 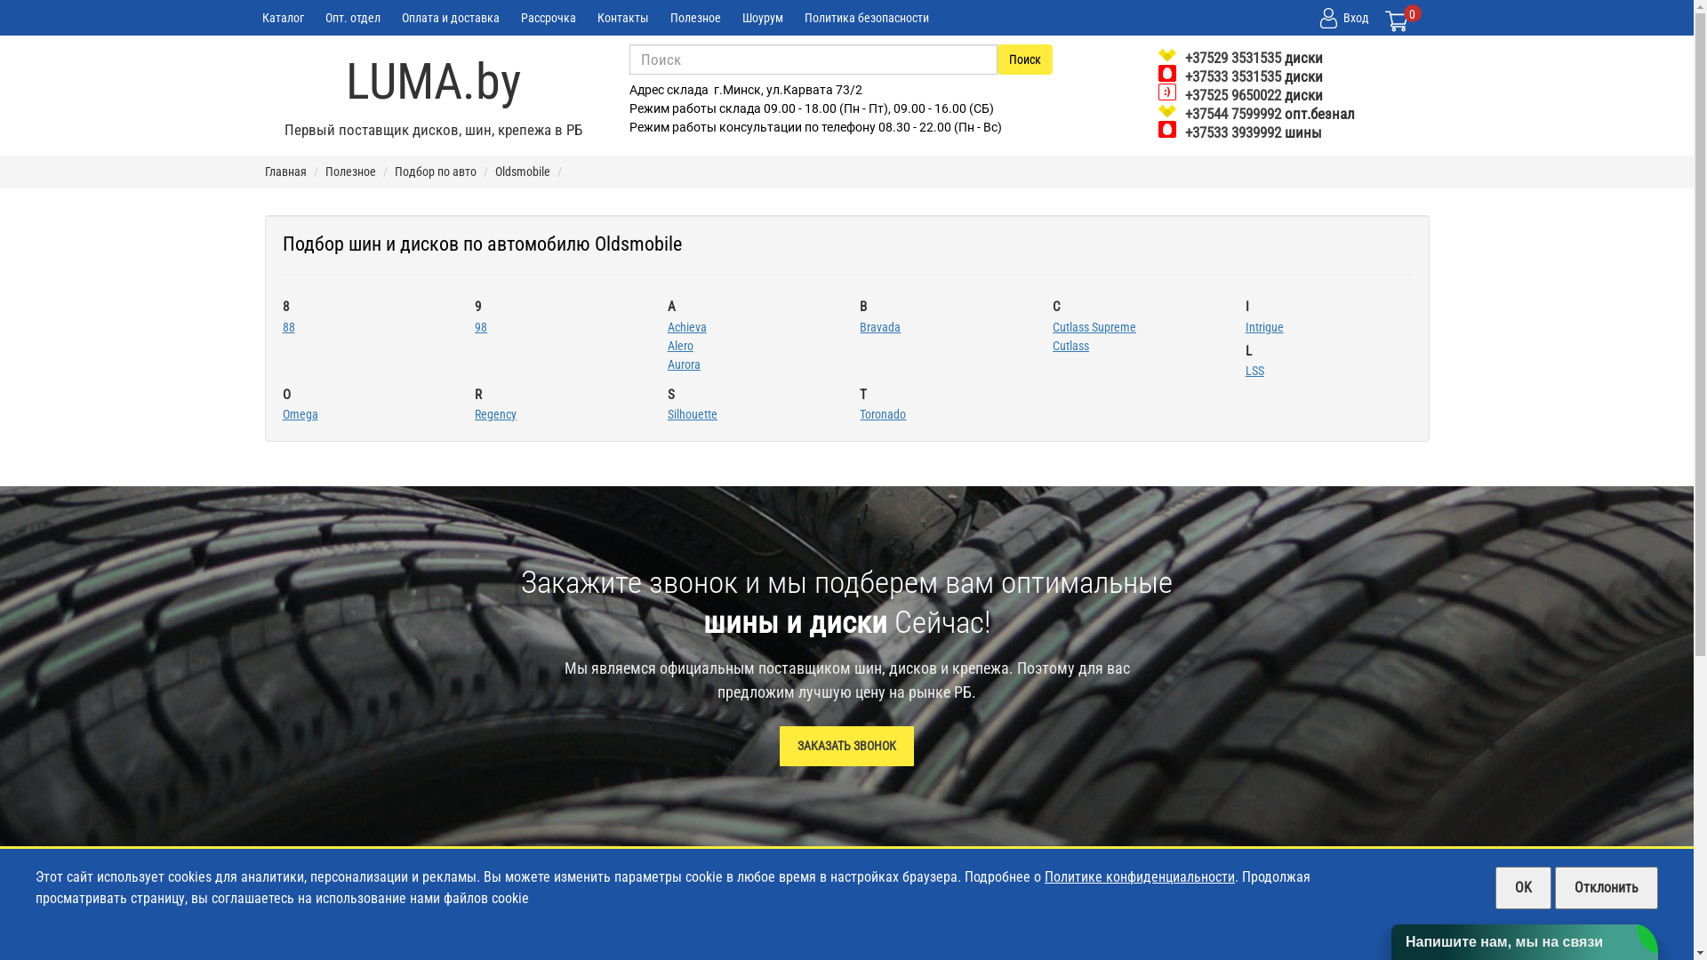 I want to click on 'Silhouette', so click(x=691, y=414).